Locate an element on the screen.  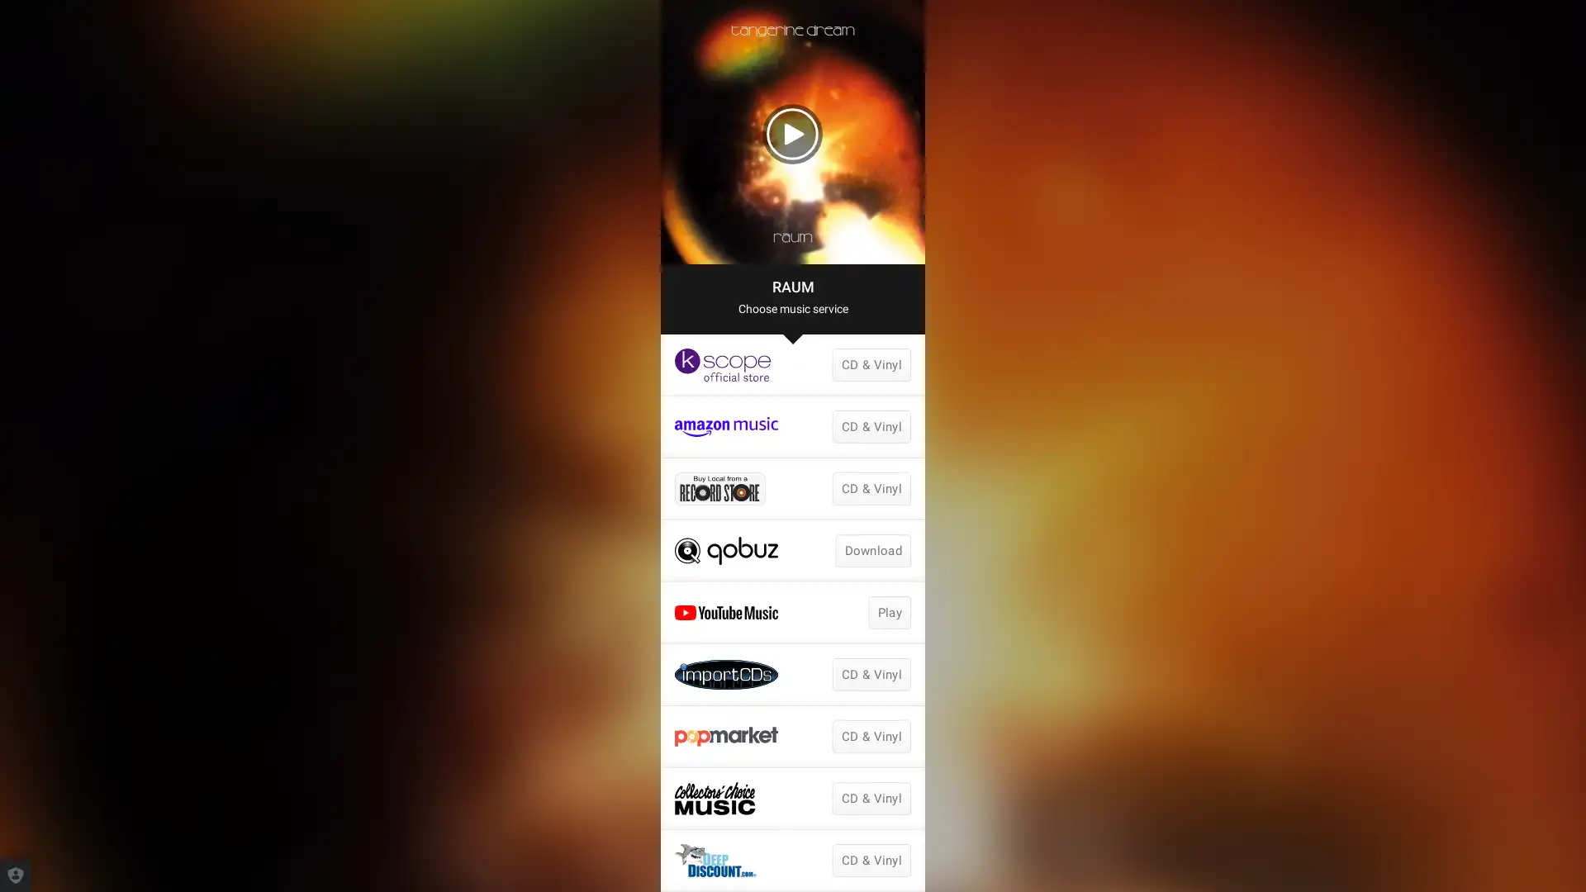
CD & Vinyl is located at coordinates (871, 798).